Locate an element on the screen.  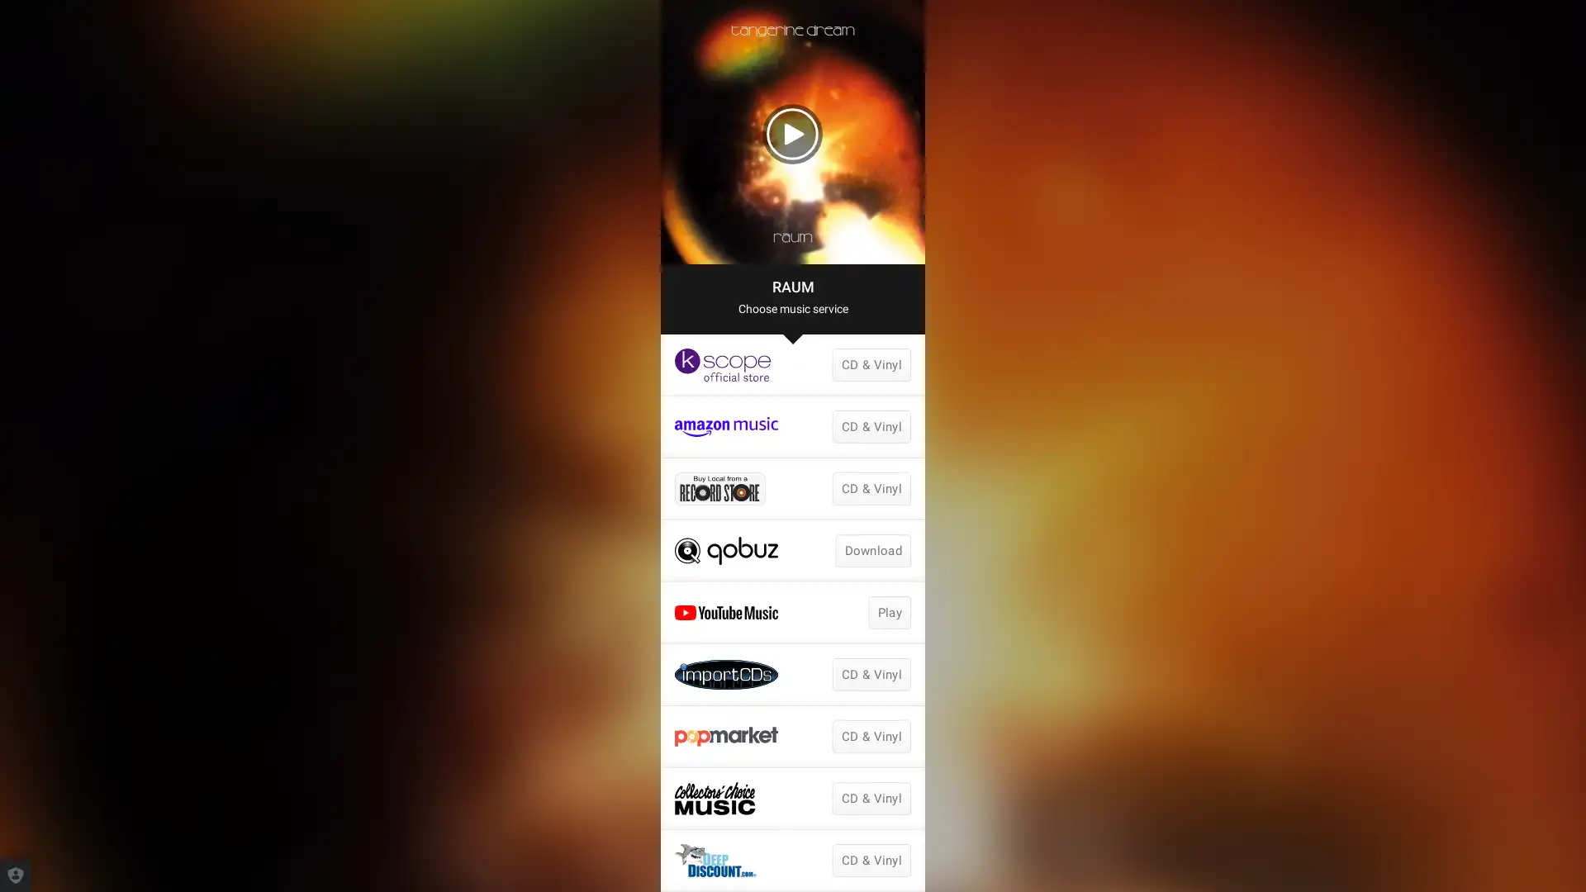
CD & Vinyl is located at coordinates (871, 798).